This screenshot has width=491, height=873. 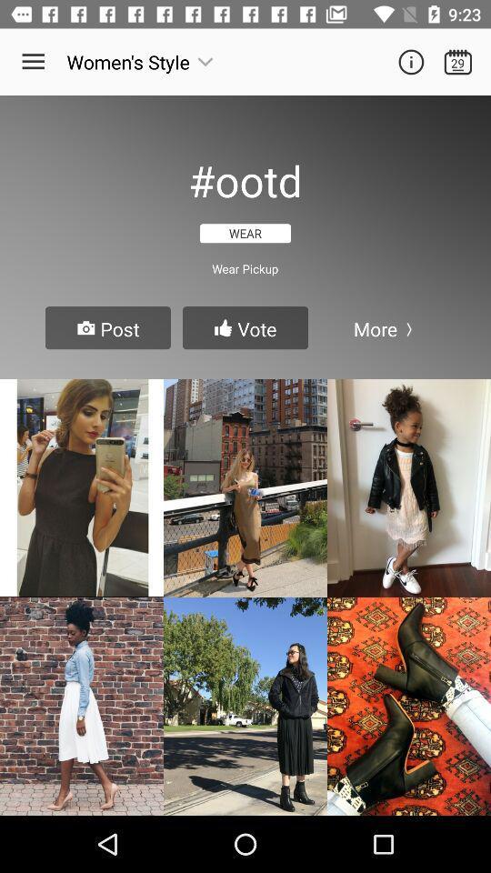 What do you see at coordinates (411, 62) in the screenshot?
I see `find out more information` at bounding box center [411, 62].